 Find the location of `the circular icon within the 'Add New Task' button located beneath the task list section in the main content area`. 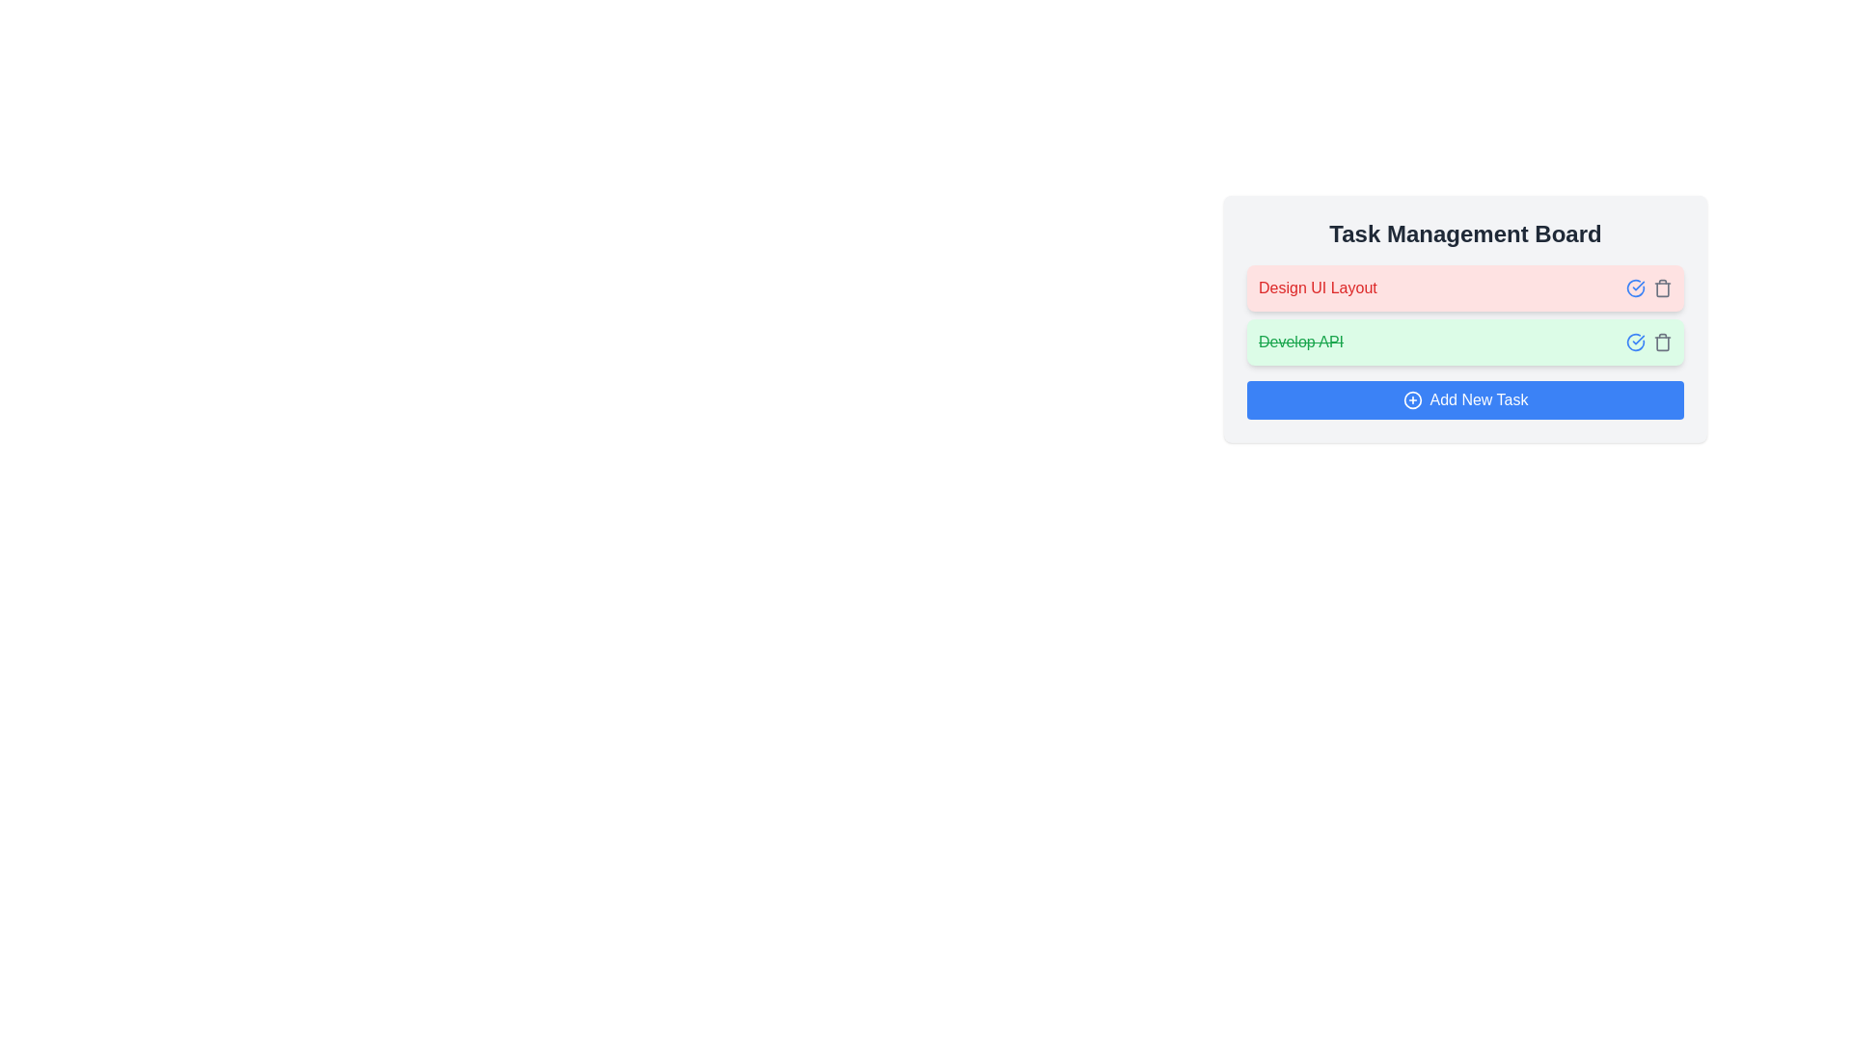

the circular icon within the 'Add New Task' button located beneath the task list section in the main content area is located at coordinates (1412, 399).